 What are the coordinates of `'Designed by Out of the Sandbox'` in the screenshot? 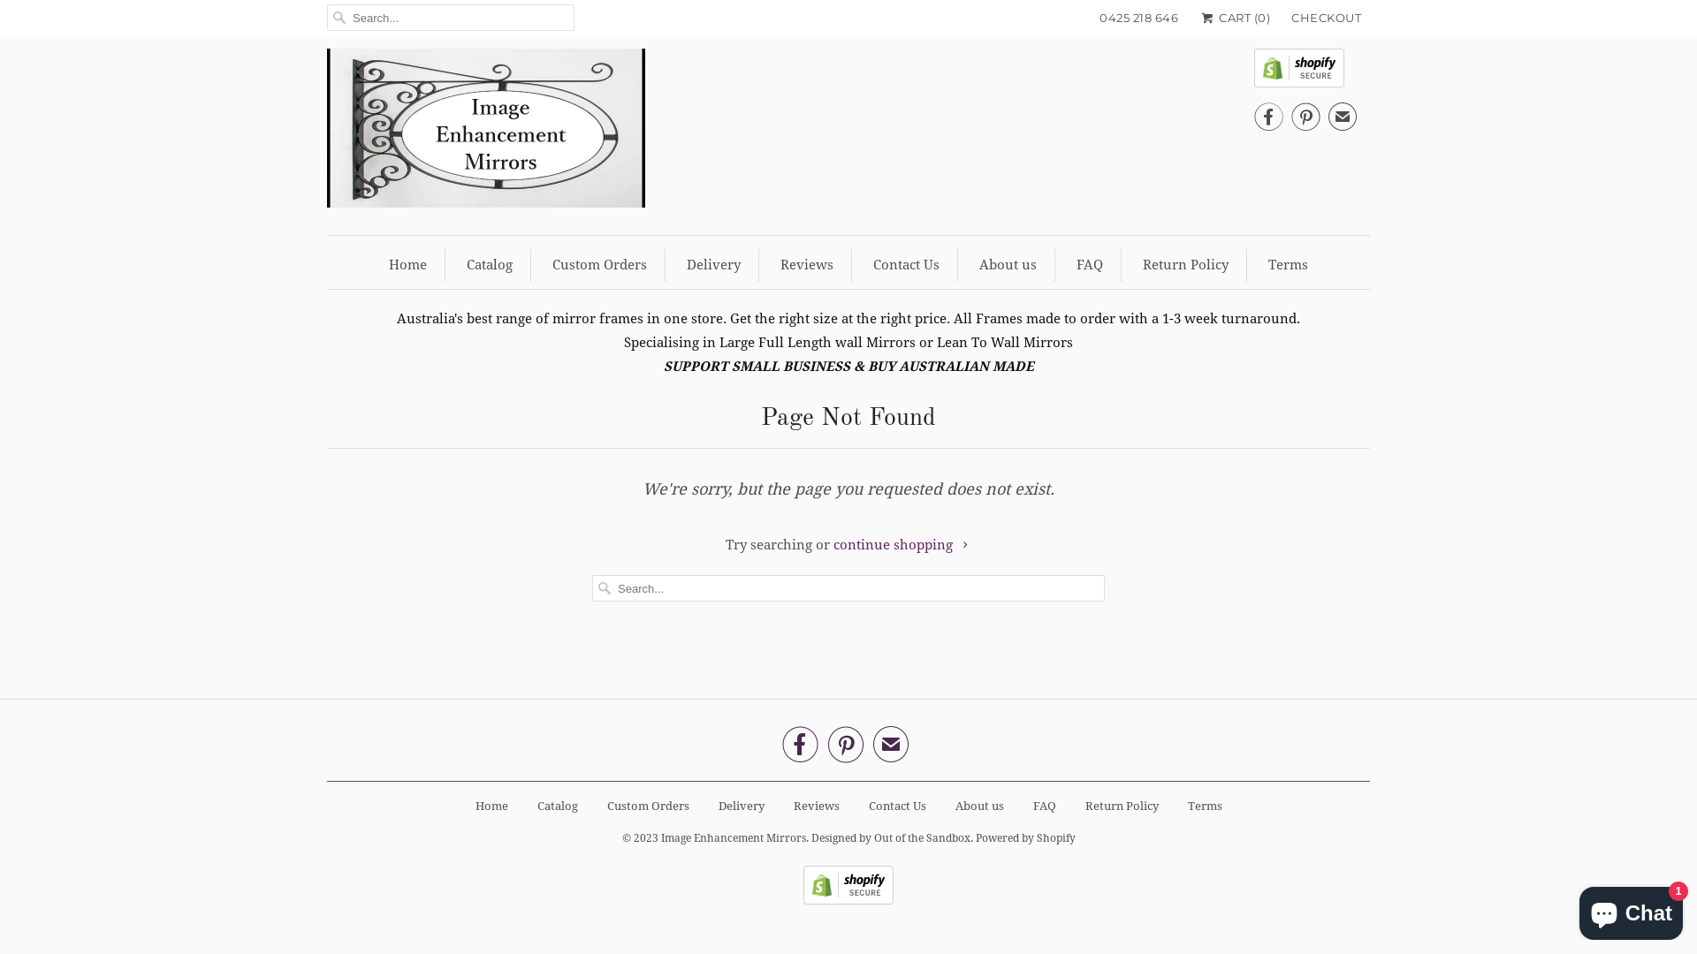 It's located at (891, 832).